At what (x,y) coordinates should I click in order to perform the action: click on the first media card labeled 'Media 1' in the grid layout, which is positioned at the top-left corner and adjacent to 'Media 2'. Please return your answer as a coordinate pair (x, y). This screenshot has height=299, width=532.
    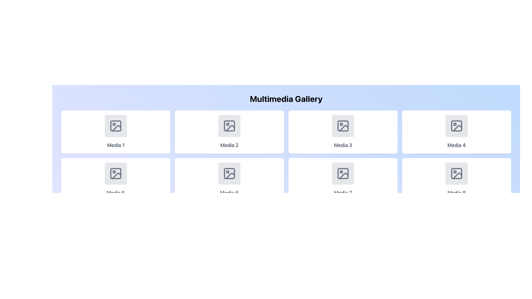
    Looking at the image, I should click on (115, 132).